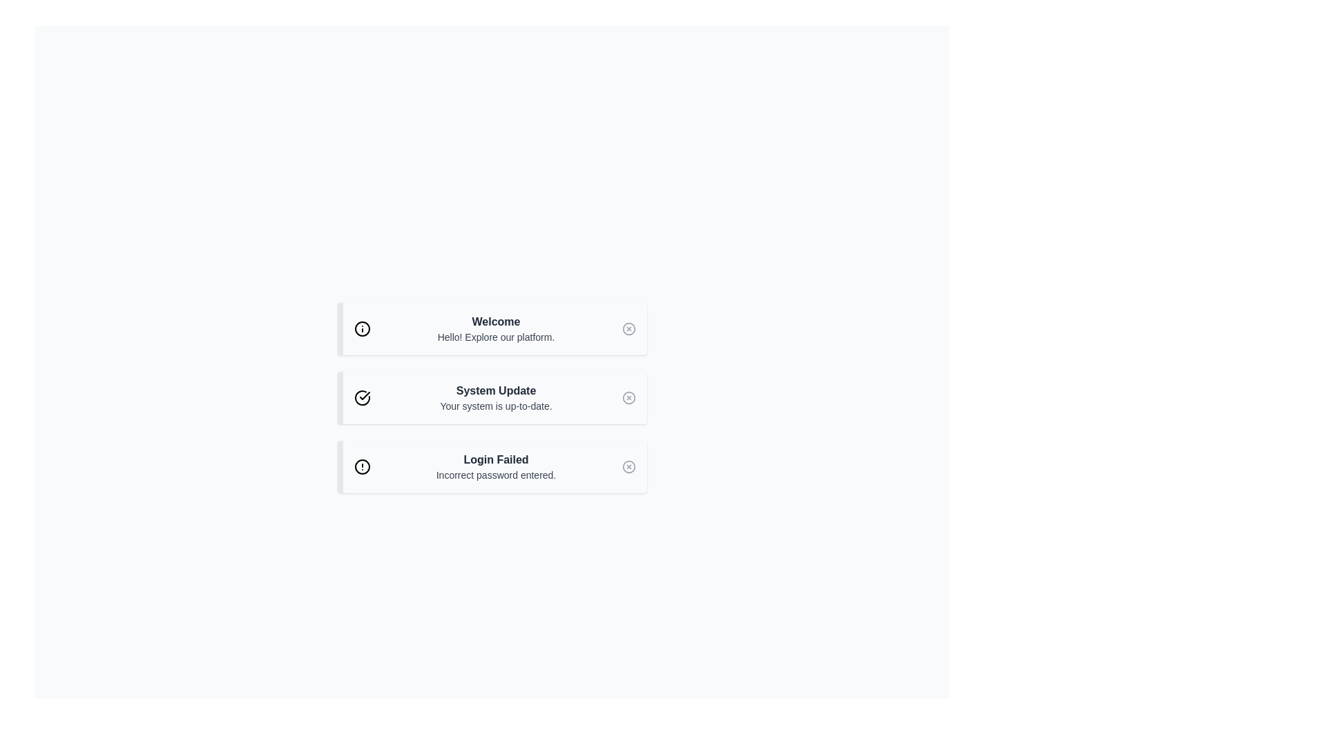 This screenshot has height=745, width=1326. Describe the element at coordinates (496, 329) in the screenshot. I see `the informational header Text Block that welcomes the user and encourages exploration of the platform, which is positioned centrally within a rounded card appearance` at that location.